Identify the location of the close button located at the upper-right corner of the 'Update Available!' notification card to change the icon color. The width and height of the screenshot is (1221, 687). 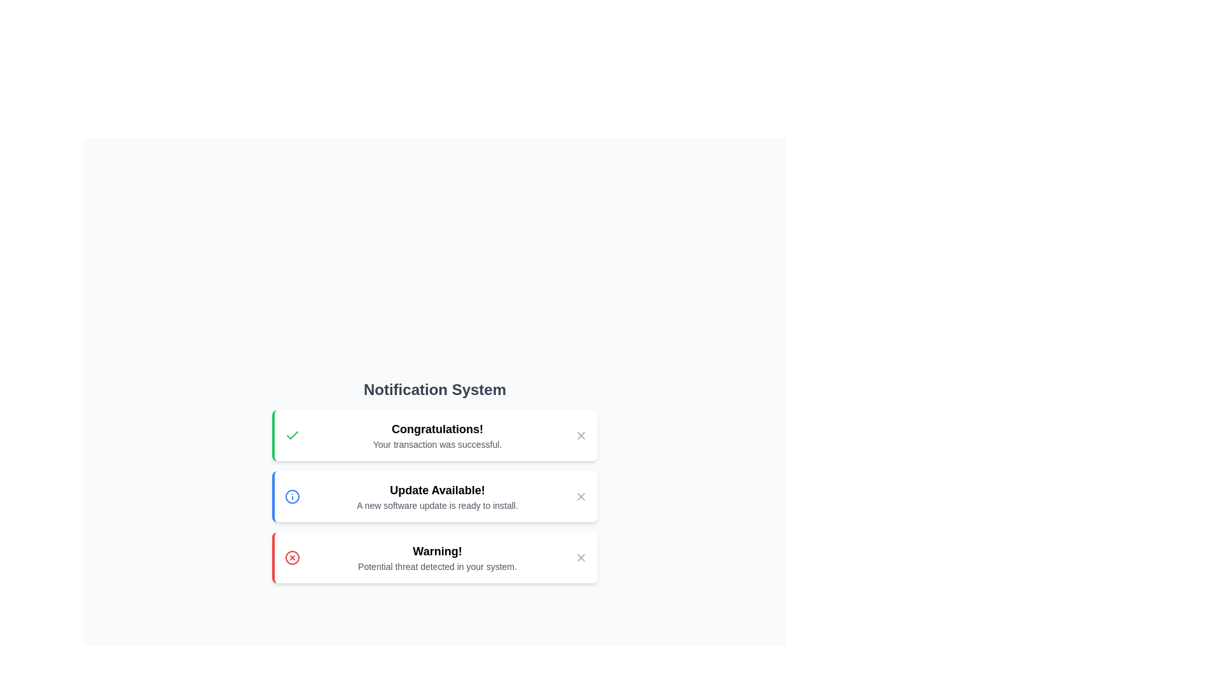
(580, 496).